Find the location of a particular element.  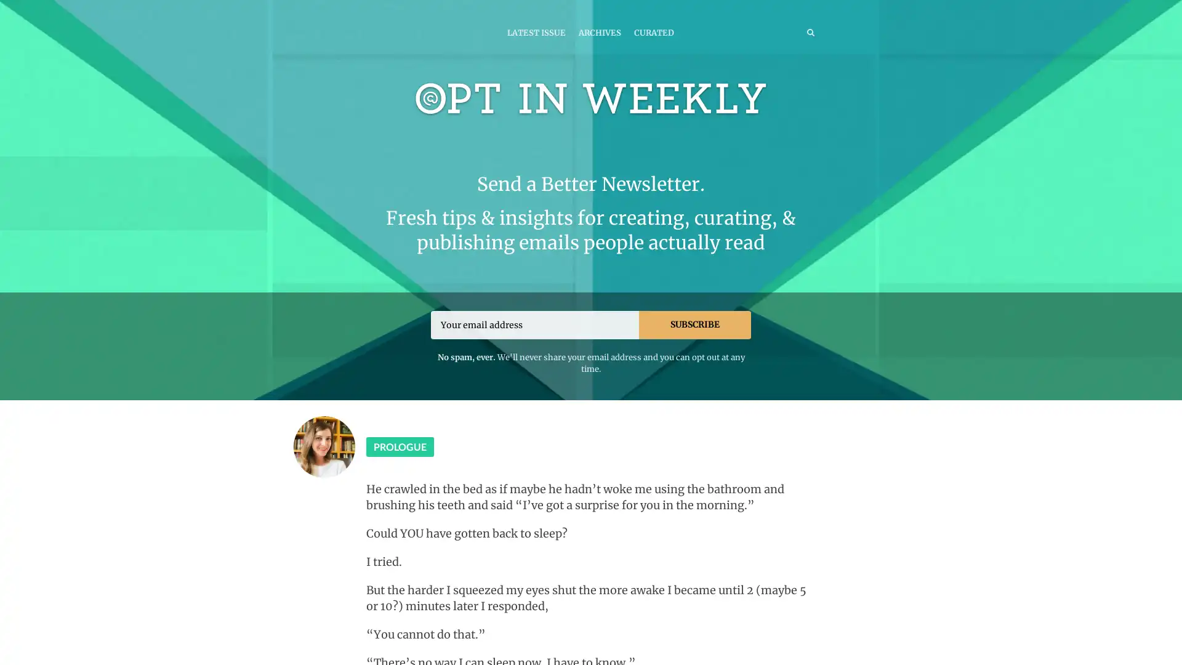

SUBSCRIBE is located at coordinates (694, 324).